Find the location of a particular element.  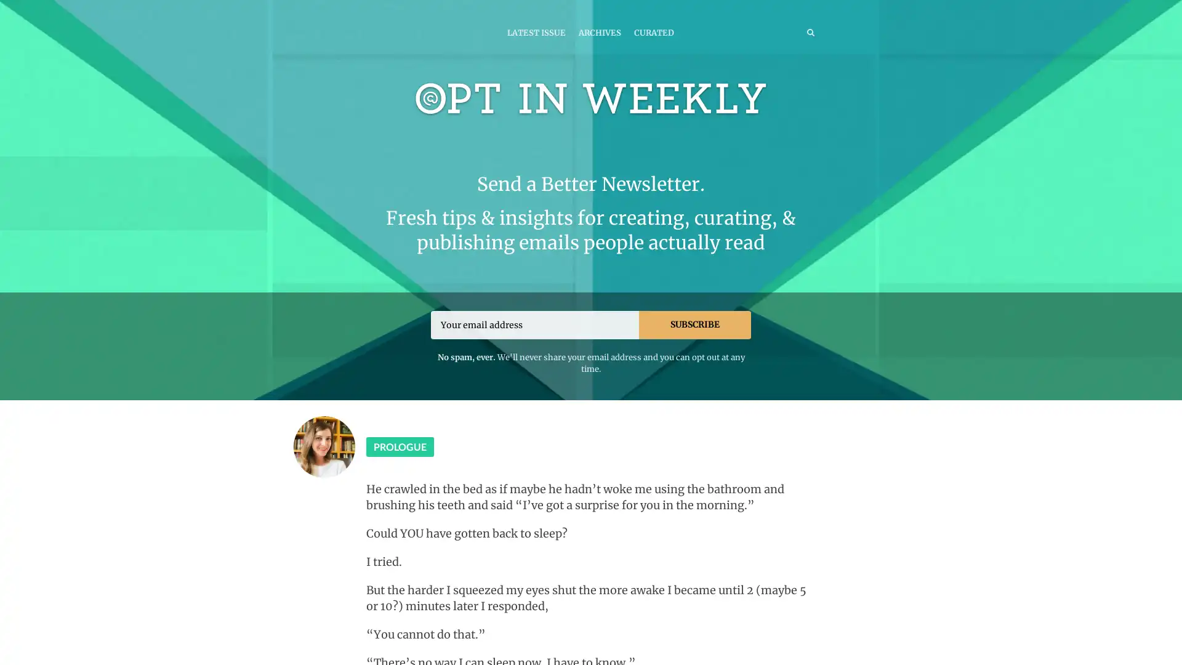

SUBSCRIBE is located at coordinates (694, 324).